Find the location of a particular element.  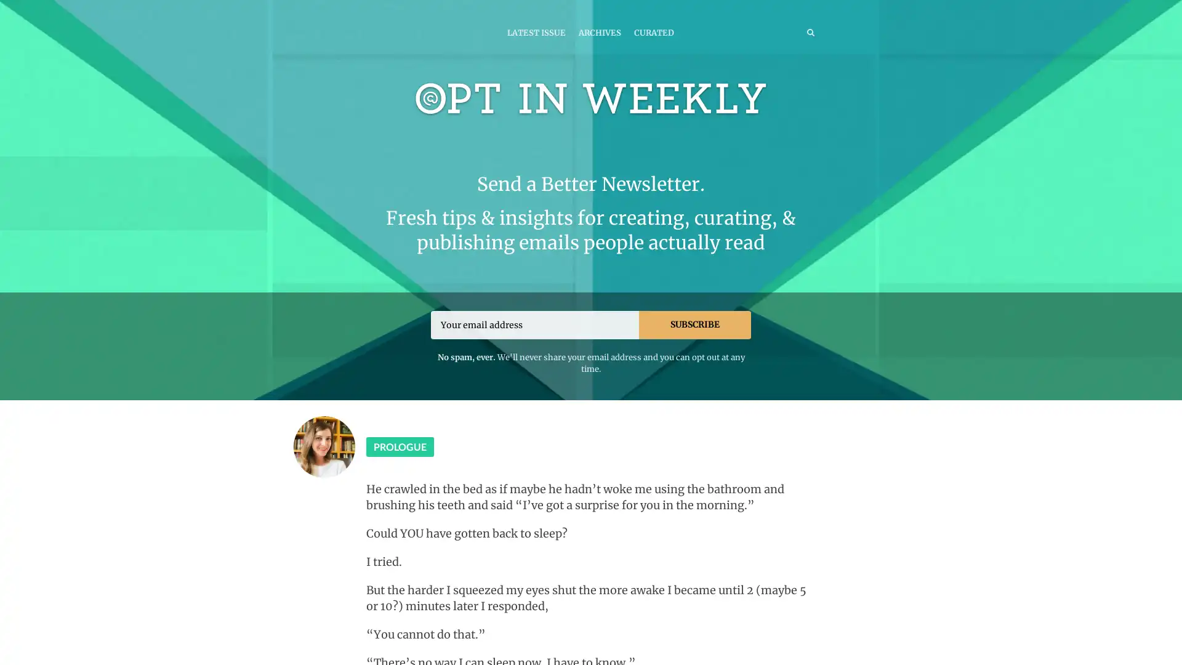

SUBSCRIBE is located at coordinates (694, 324).